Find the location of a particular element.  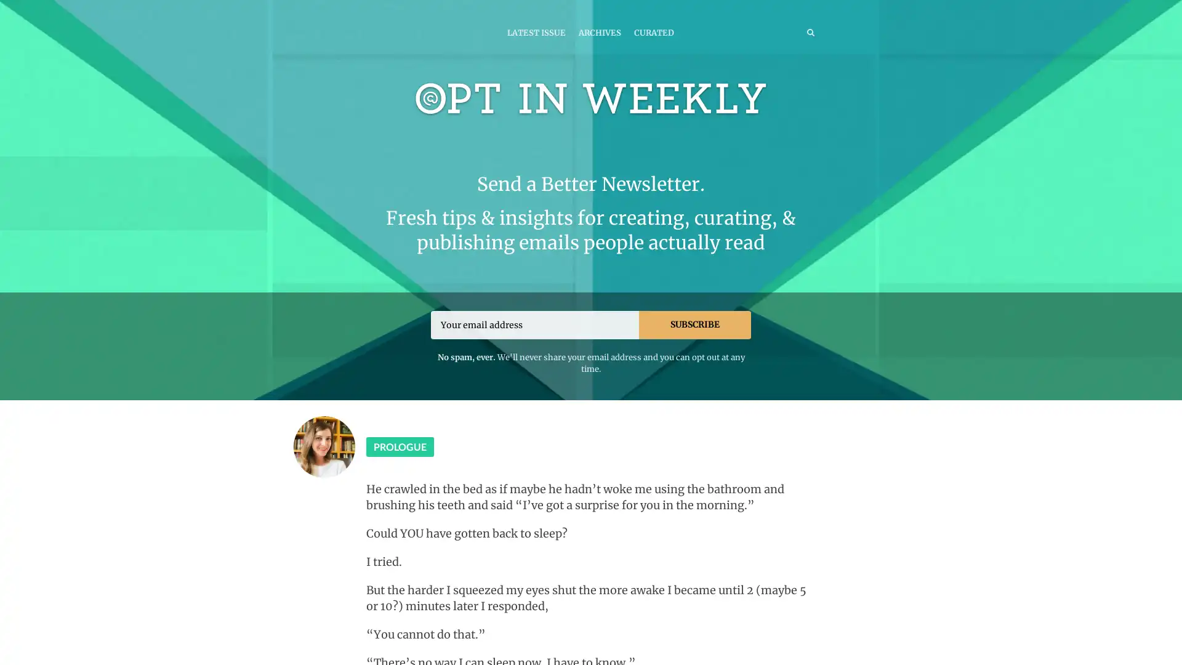

SUBSCRIBE is located at coordinates (694, 324).